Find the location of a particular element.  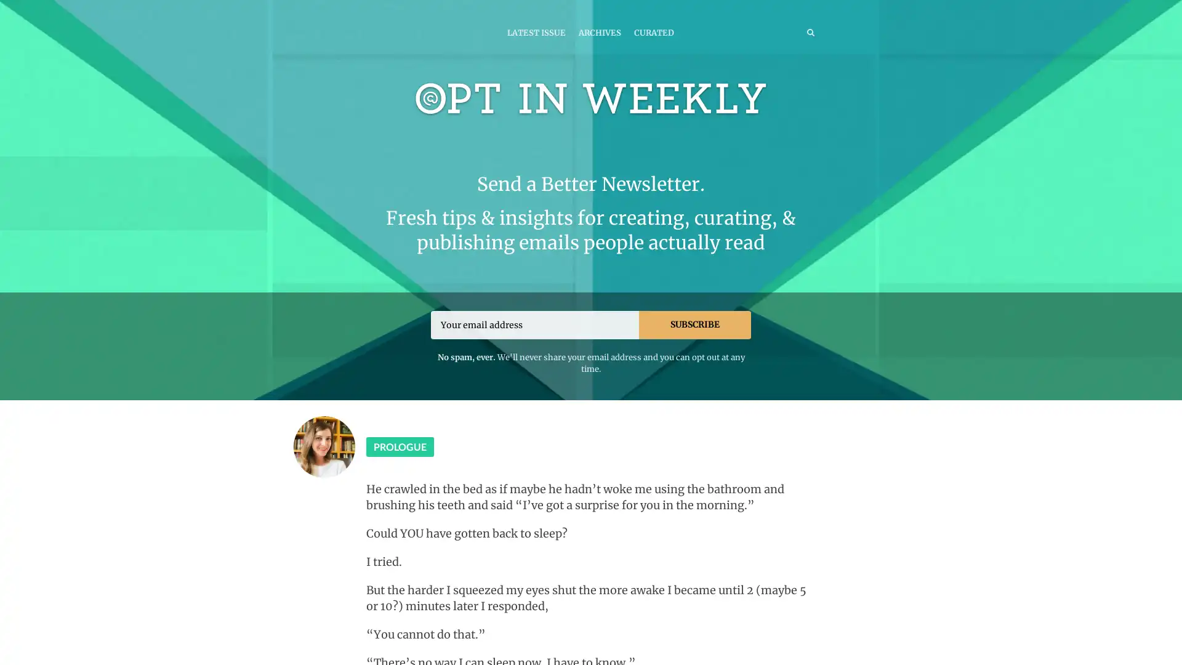

SUBSCRIBE is located at coordinates (694, 324).